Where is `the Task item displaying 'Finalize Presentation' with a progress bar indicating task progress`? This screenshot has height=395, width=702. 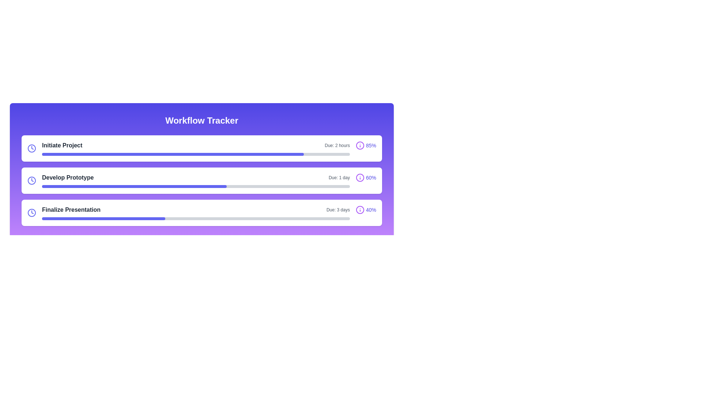
the Task item displaying 'Finalize Presentation' with a progress bar indicating task progress is located at coordinates (196, 213).